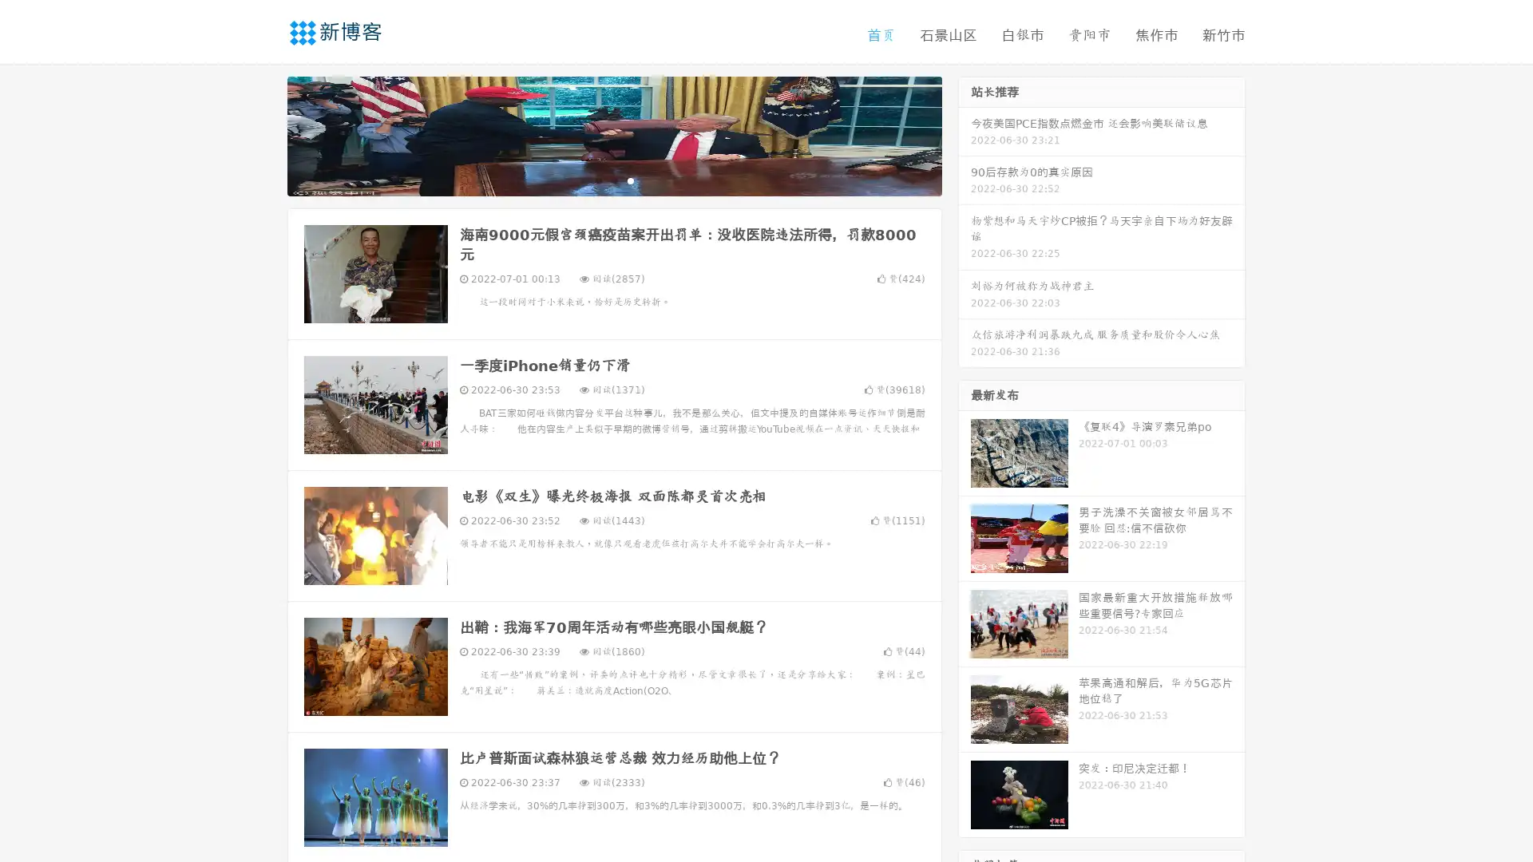 This screenshot has height=862, width=1533. What do you see at coordinates (965, 134) in the screenshot?
I see `Next slide` at bounding box center [965, 134].